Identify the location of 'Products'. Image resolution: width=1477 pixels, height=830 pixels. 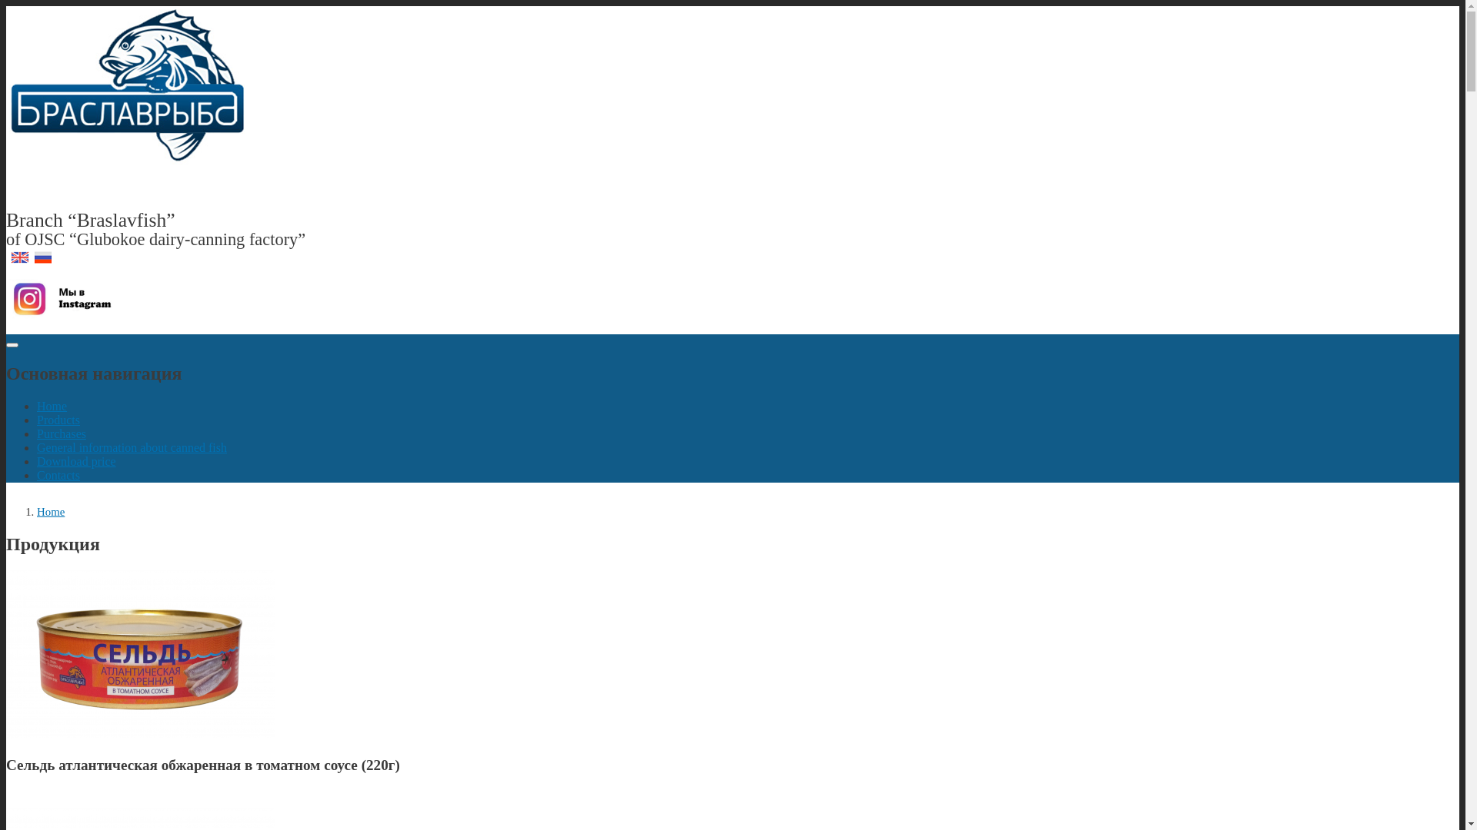
(58, 420).